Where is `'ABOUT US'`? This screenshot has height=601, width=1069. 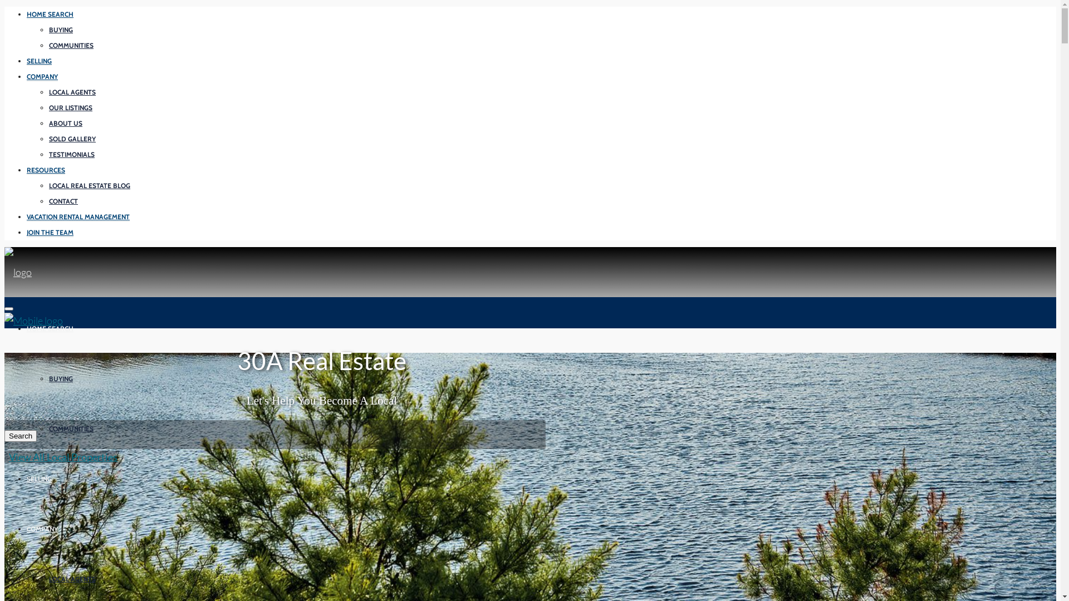
'ABOUT US' is located at coordinates (65, 124).